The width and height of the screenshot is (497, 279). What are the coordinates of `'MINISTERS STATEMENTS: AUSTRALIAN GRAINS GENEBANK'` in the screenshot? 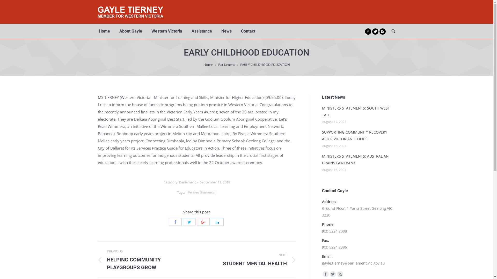 It's located at (359, 159).